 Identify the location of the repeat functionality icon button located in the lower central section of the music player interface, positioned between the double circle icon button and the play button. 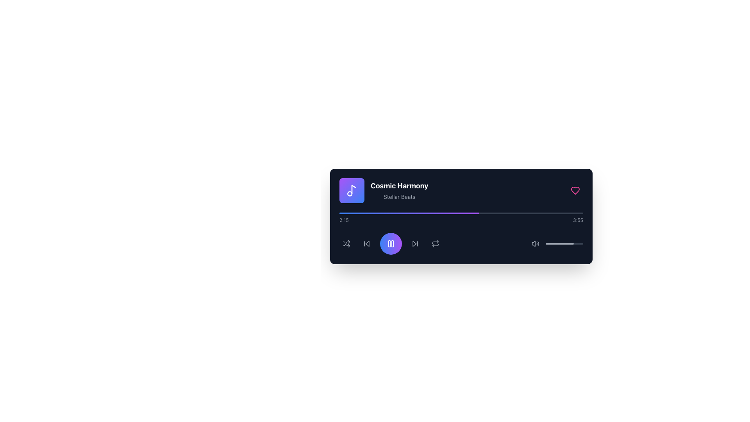
(435, 243).